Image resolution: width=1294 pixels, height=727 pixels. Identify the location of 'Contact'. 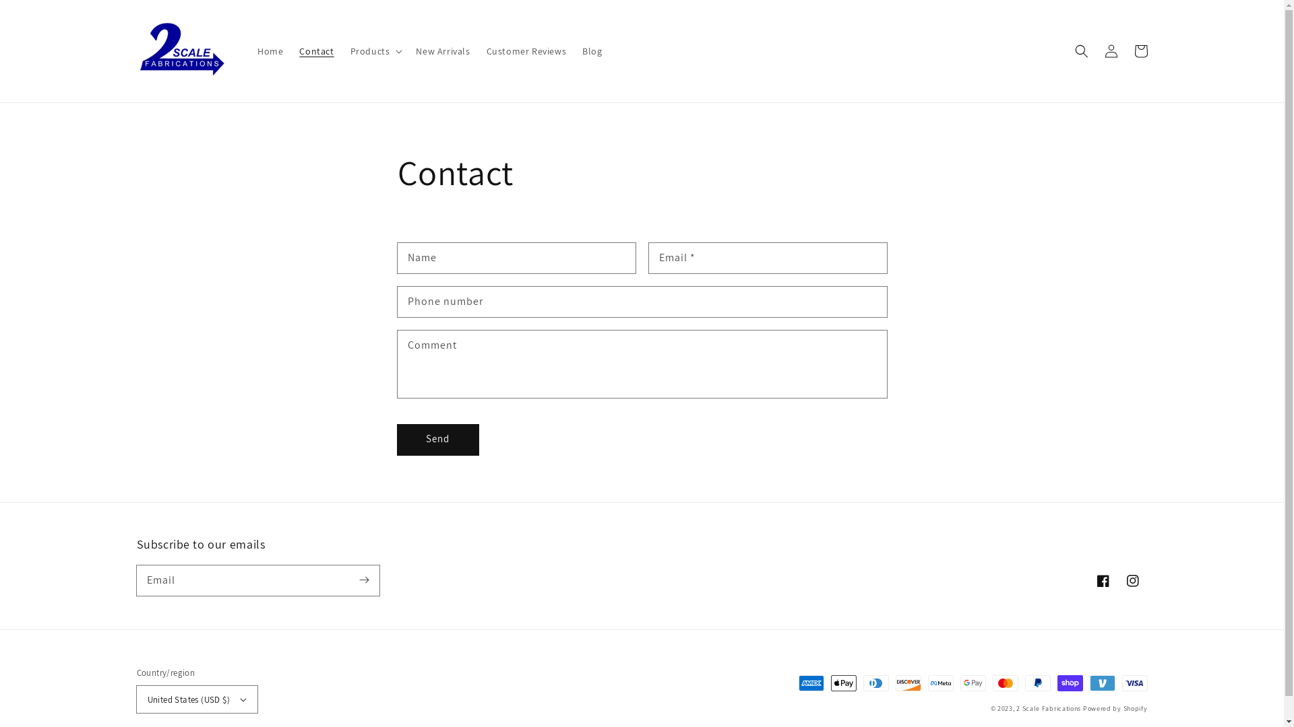
(315, 50).